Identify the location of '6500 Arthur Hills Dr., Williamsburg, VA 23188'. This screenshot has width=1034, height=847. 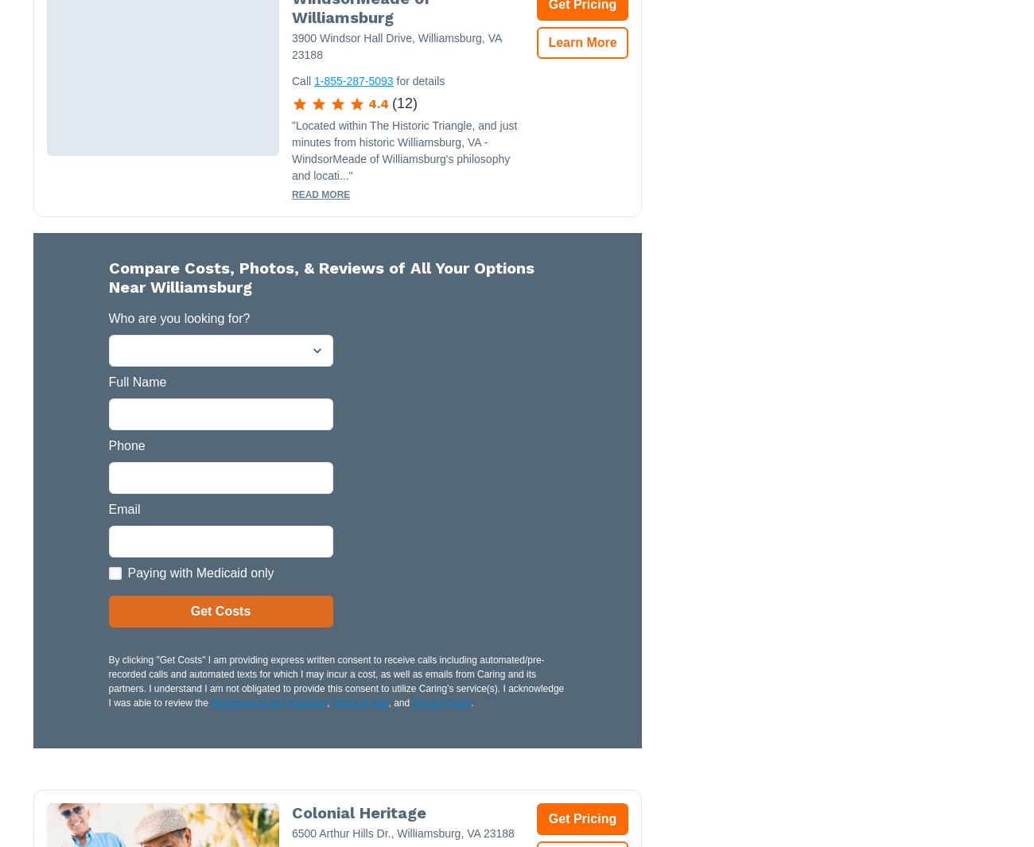
(290, 833).